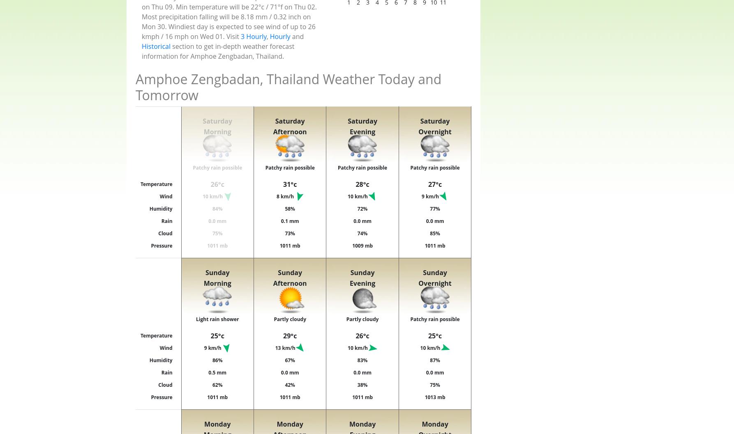 Image resolution: width=734 pixels, height=434 pixels. Describe the element at coordinates (289, 384) in the screenshot. I see `'42%'` at that location.